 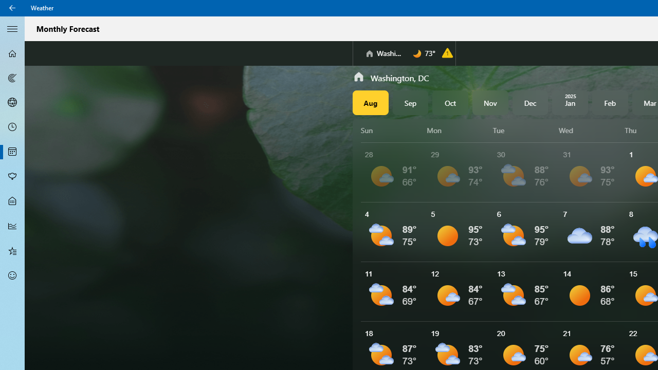 I want to click on 'Pollen - Not Selected', so click(x=12, y=176).